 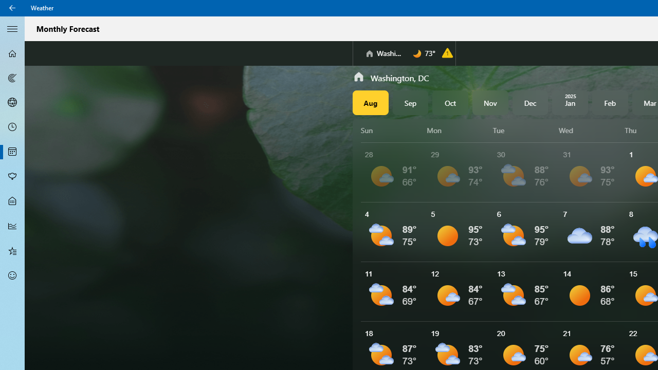 I want to click on 'Pollen - Not Selected', so click(x=12, y=176).